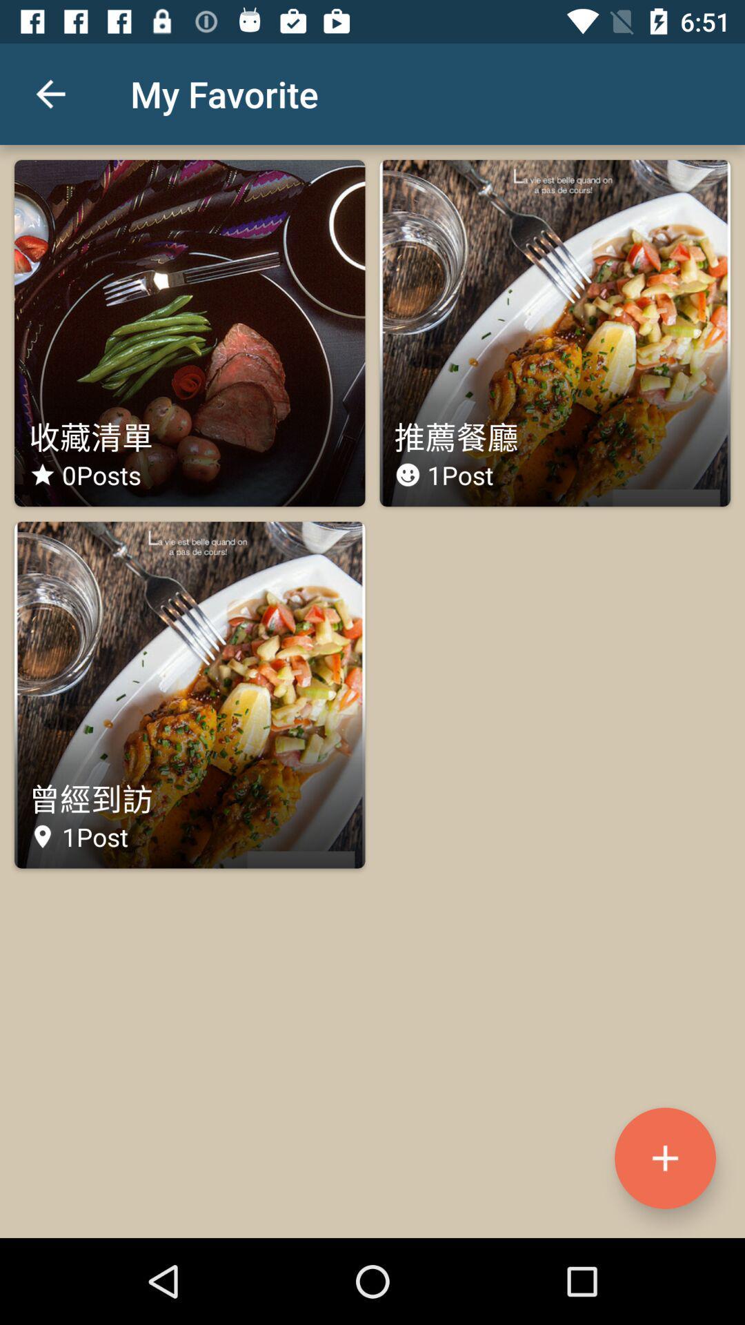 The width and height of the screenshot is (745, 1325). I want to click on icon at the bottom right corner, so click(664, 1158).